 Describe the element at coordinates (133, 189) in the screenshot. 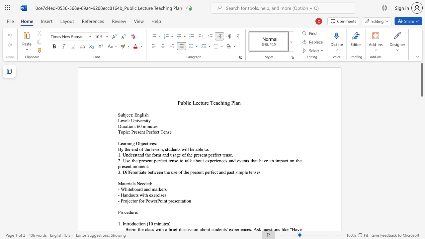

I see `the 1th character "b" in the text` at that location.